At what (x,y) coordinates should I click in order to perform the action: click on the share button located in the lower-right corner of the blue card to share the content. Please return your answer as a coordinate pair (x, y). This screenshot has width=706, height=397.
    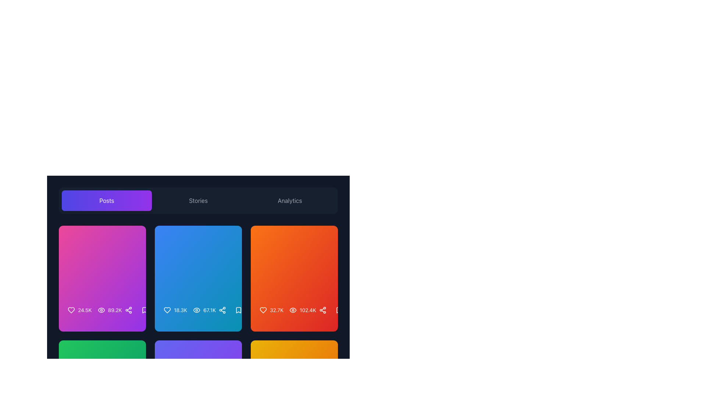
    Looking at the image, I should click on (222, 310).